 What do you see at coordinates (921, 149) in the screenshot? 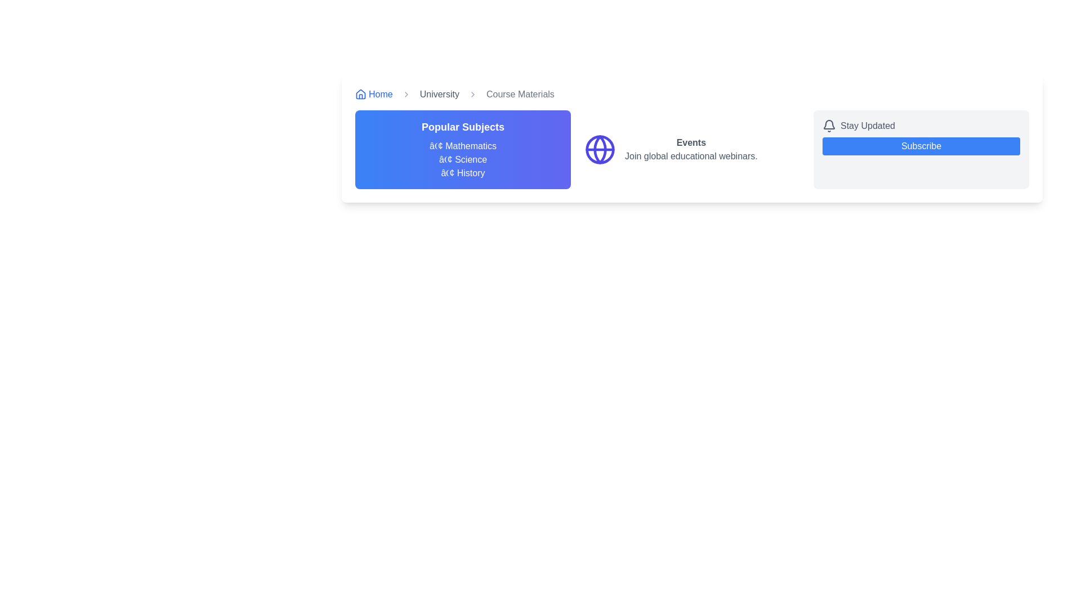
I see `displayed text from the 'Subscribe' button in the rightmost column of the layout, which prompts users to stay updated by subscribing` at bounding box center [921, 149].